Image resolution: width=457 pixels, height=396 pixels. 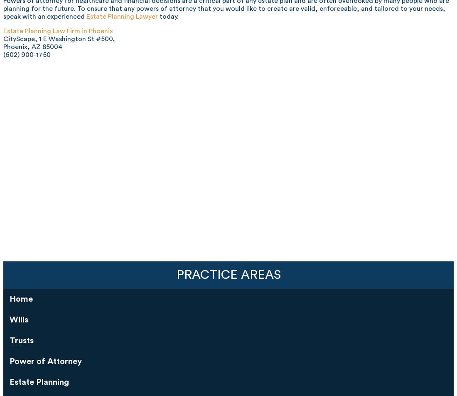 I want to click on 'Home', so click(x=21, y=299).